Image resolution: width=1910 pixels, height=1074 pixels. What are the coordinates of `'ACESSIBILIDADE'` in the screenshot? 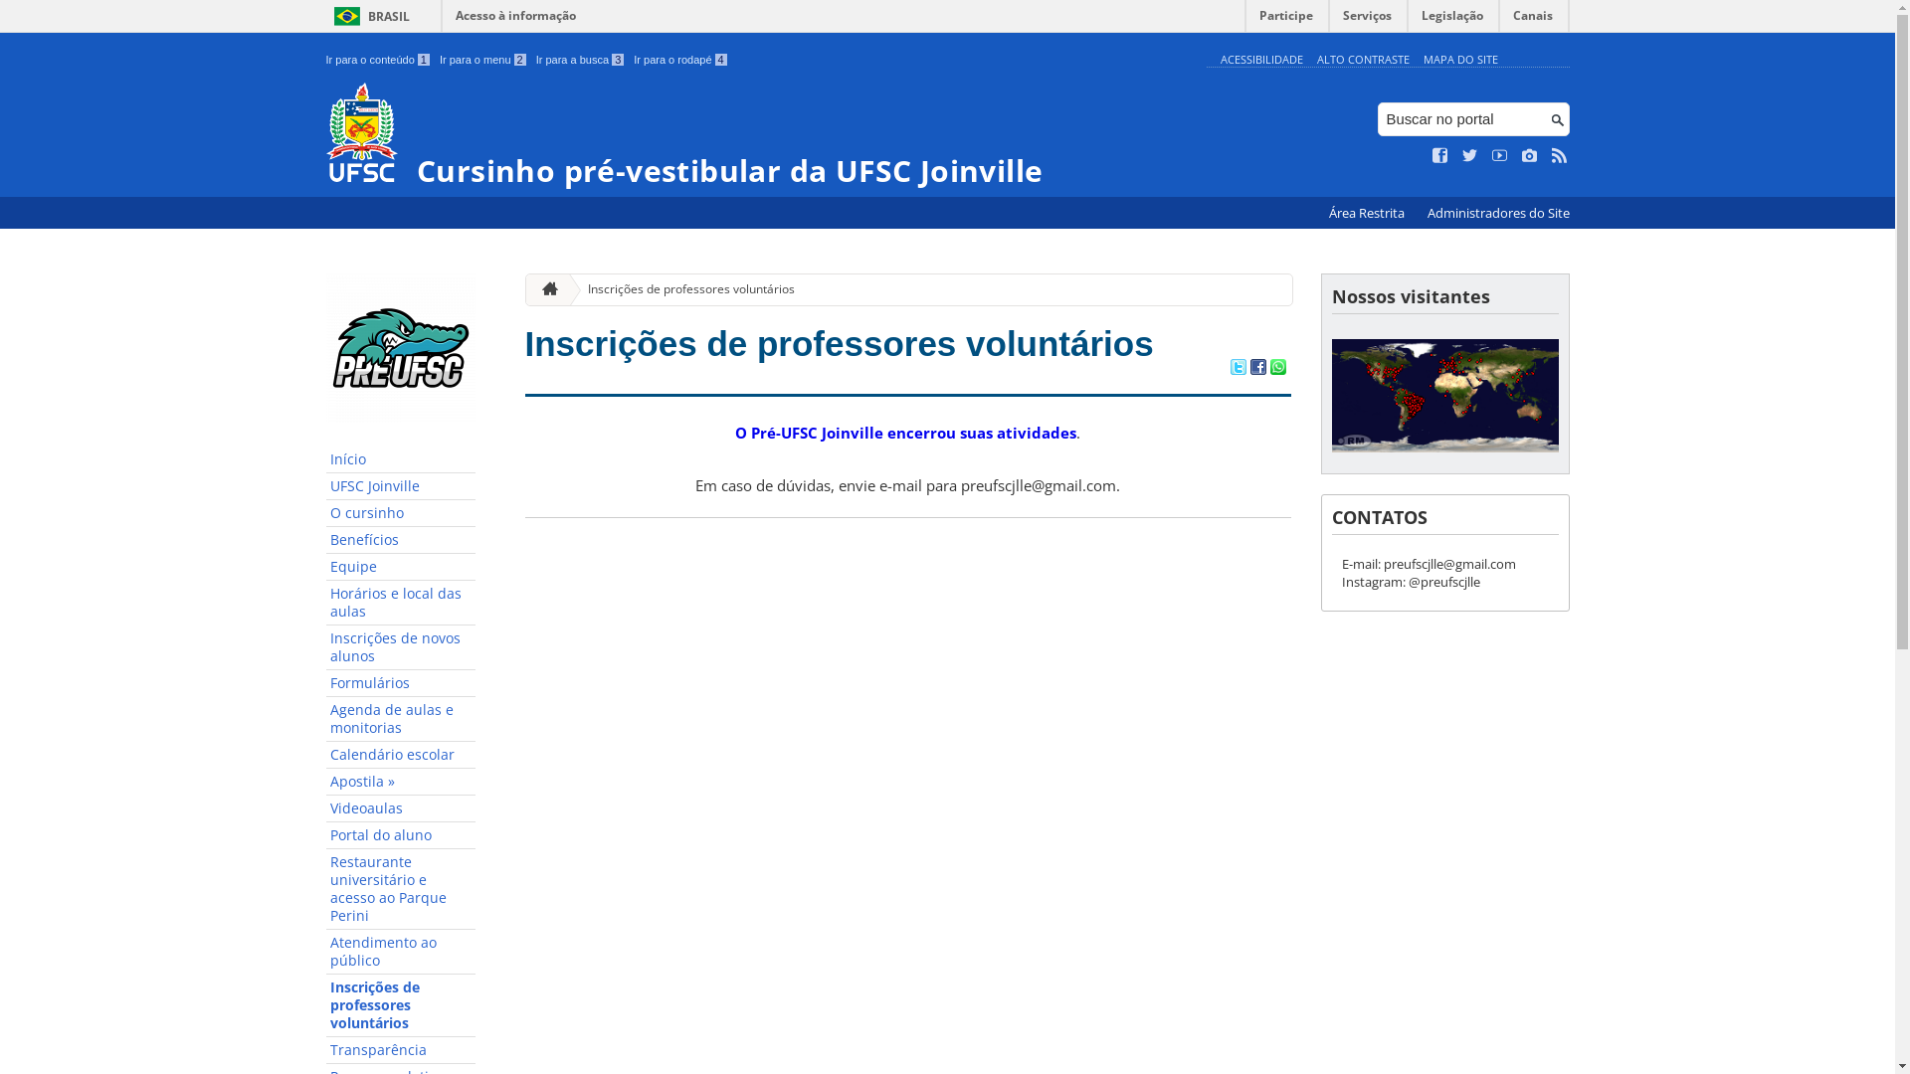 It's located at (1259, 58).